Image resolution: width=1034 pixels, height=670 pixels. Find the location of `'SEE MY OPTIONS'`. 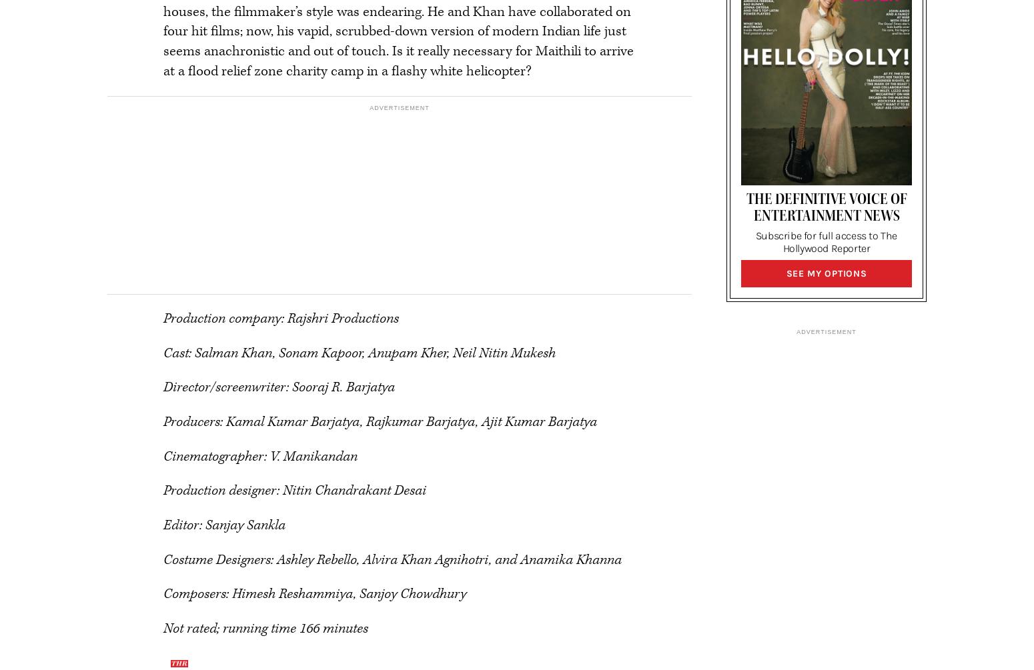

'SEE MY OPTIONS' is located at coordinates (826, 273).